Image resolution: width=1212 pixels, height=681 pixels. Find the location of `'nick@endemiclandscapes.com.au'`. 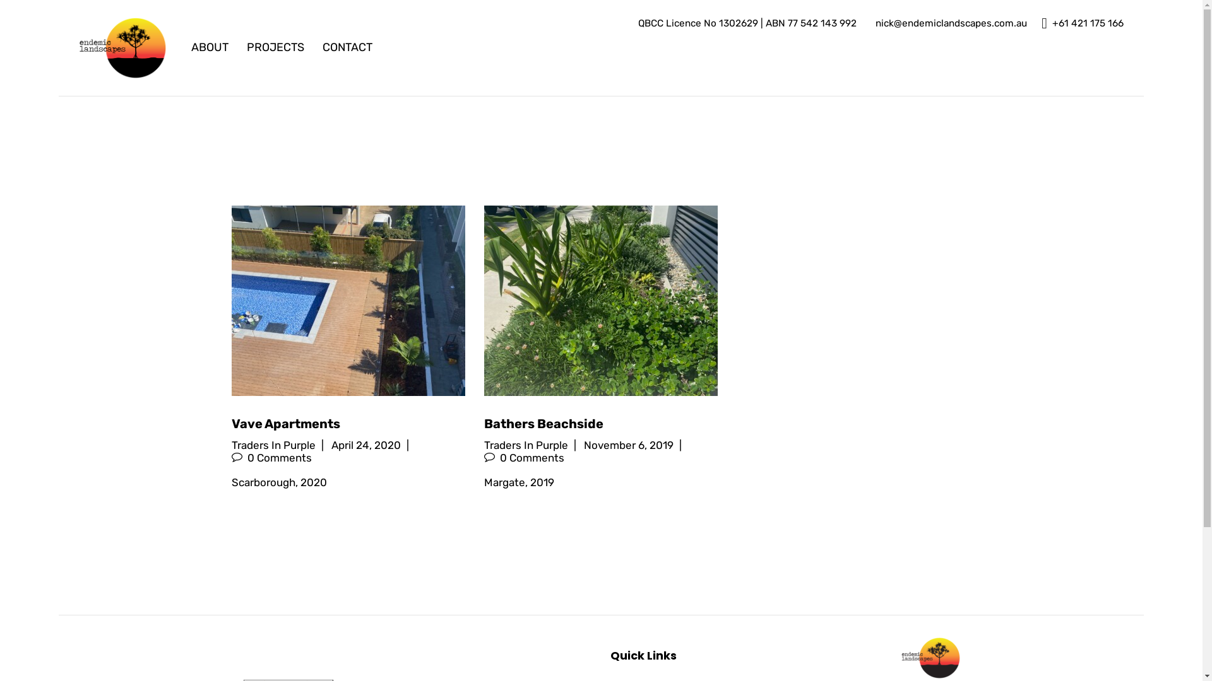

'nick@endemiclandscapes.com.au' is located at coordinates (949, 23).